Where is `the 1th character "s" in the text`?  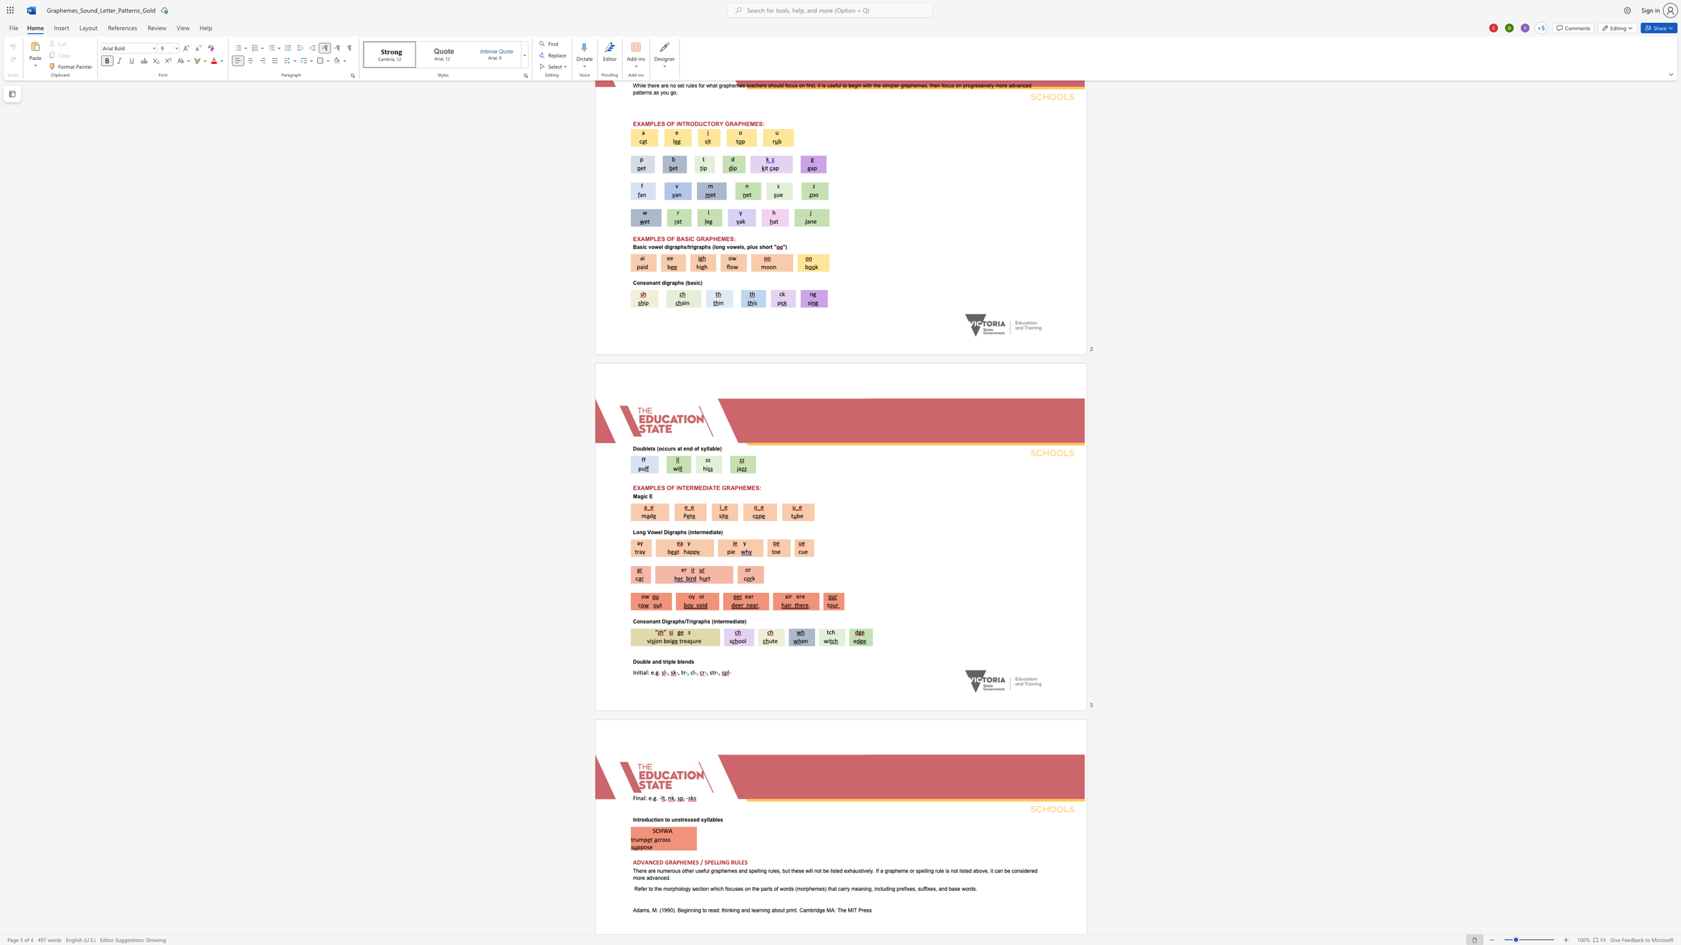
the 1th character "s" in the text is located at coordinates (692, 661).